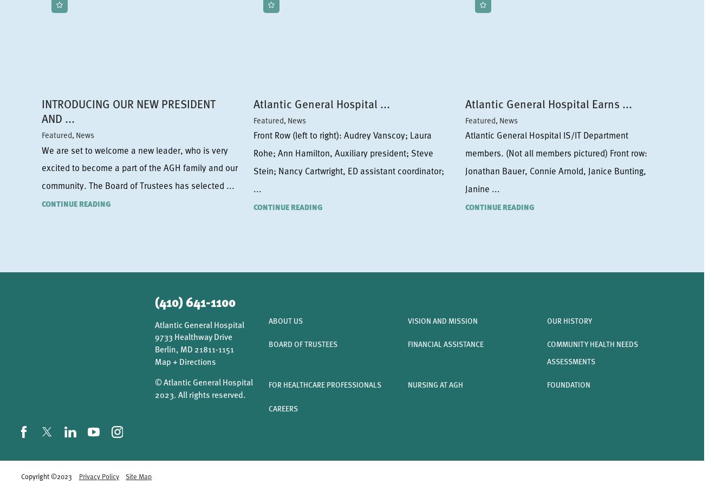 This screenshot has height=491, width=722. Describe the element at coordinates (252, 161) in the screenshot. I see `'Front Row (left to right): Audrey Vanscoy; Laura Rohe; Ann Hamilton, Auxiliary president; Steve Stein; Nancy Cartwright, ED assistant coordinator; ...'` at that location.